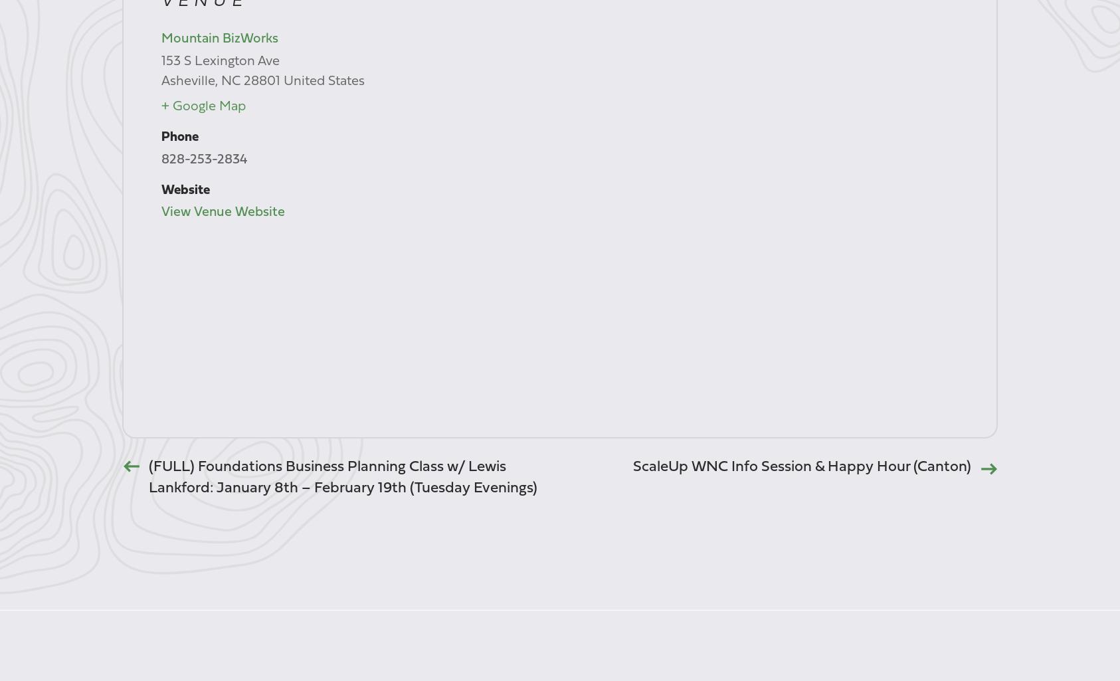 The image size is (1120, 681). Describe the element at coordinates (203, 158) in the screenshot. I see `'828-253-2834'` at that location.